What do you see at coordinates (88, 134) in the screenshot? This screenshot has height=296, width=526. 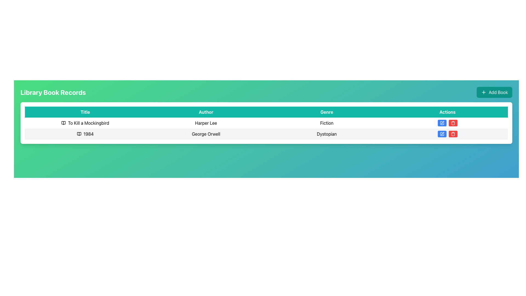 I see `the text label indicating the title of the book '1984' in the library record list, located in the second row under the Title column` at bounding box center [88, 134].